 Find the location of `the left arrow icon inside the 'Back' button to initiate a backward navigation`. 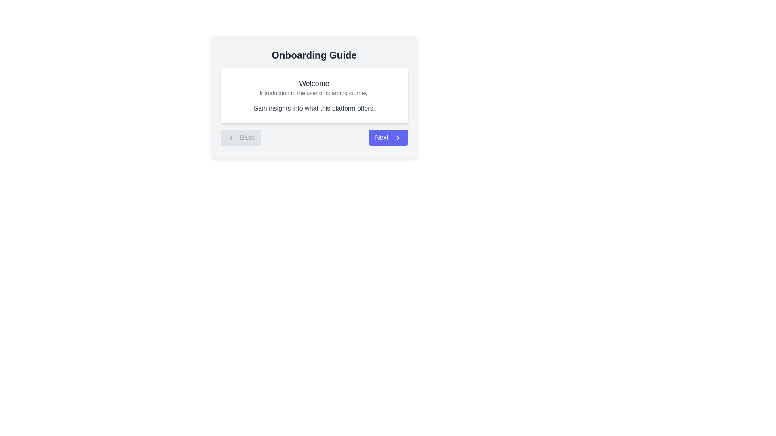

the left arrow icon inside the 'Back' button to initiate a backward navigation is located at coordinates (230, 137).